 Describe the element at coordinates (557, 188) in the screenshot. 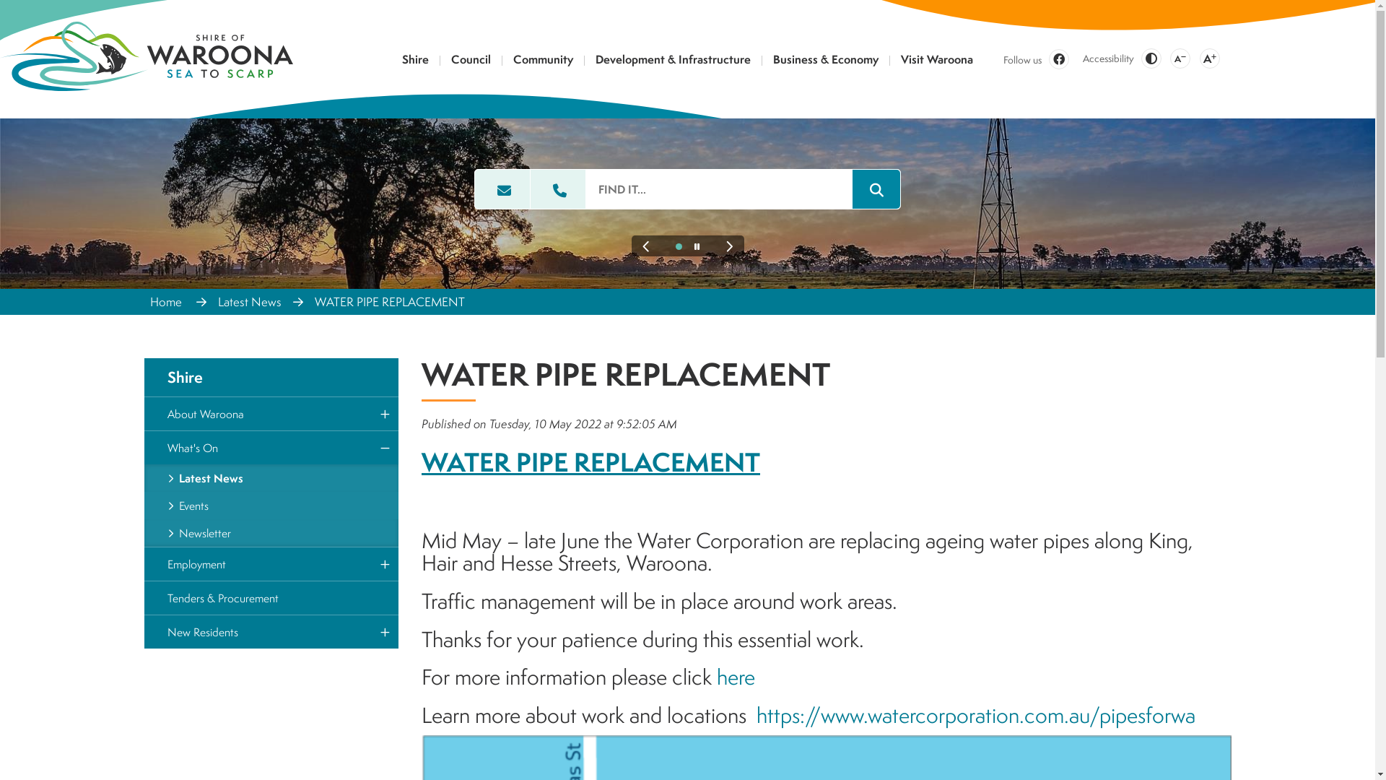

I see `'Call the Shire of Waroona'` at that location.